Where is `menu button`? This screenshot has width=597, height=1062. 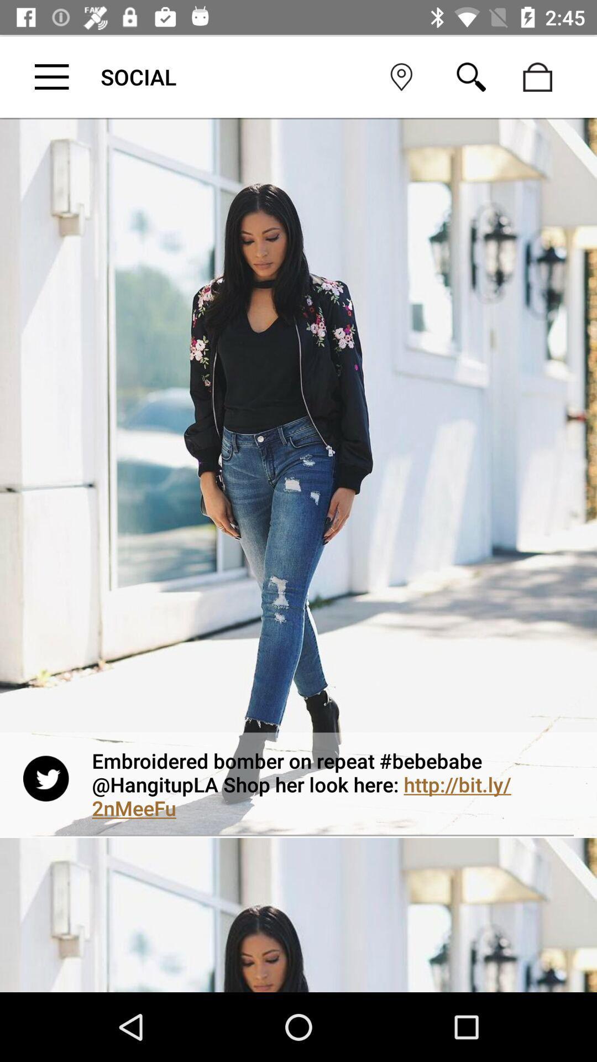
menu button is located at coordinates (51, 76).